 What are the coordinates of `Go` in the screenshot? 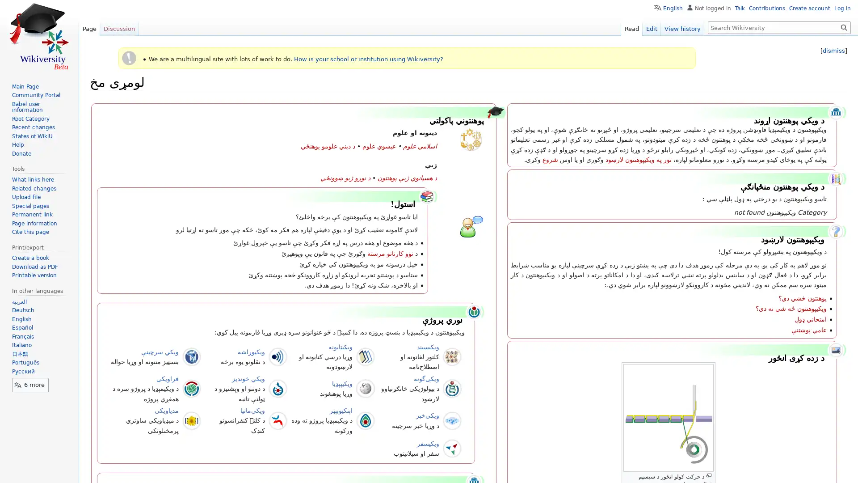 It's located at (844, 27).